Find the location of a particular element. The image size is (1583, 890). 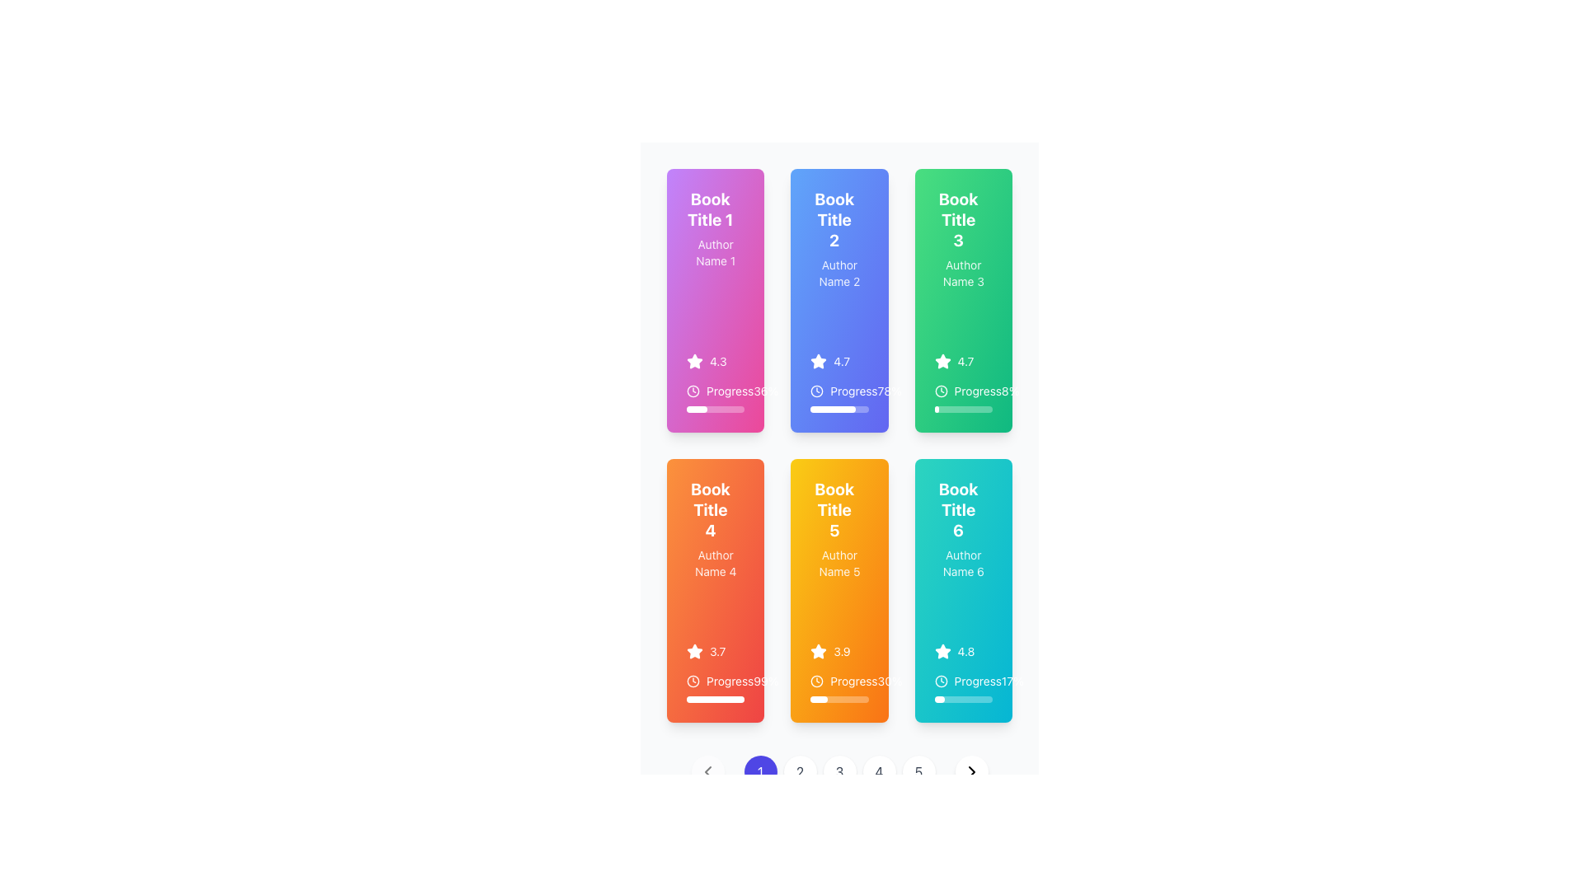

the third circular button in the pagination control at the bottom center of the interface is located at coordinates (839, 772).